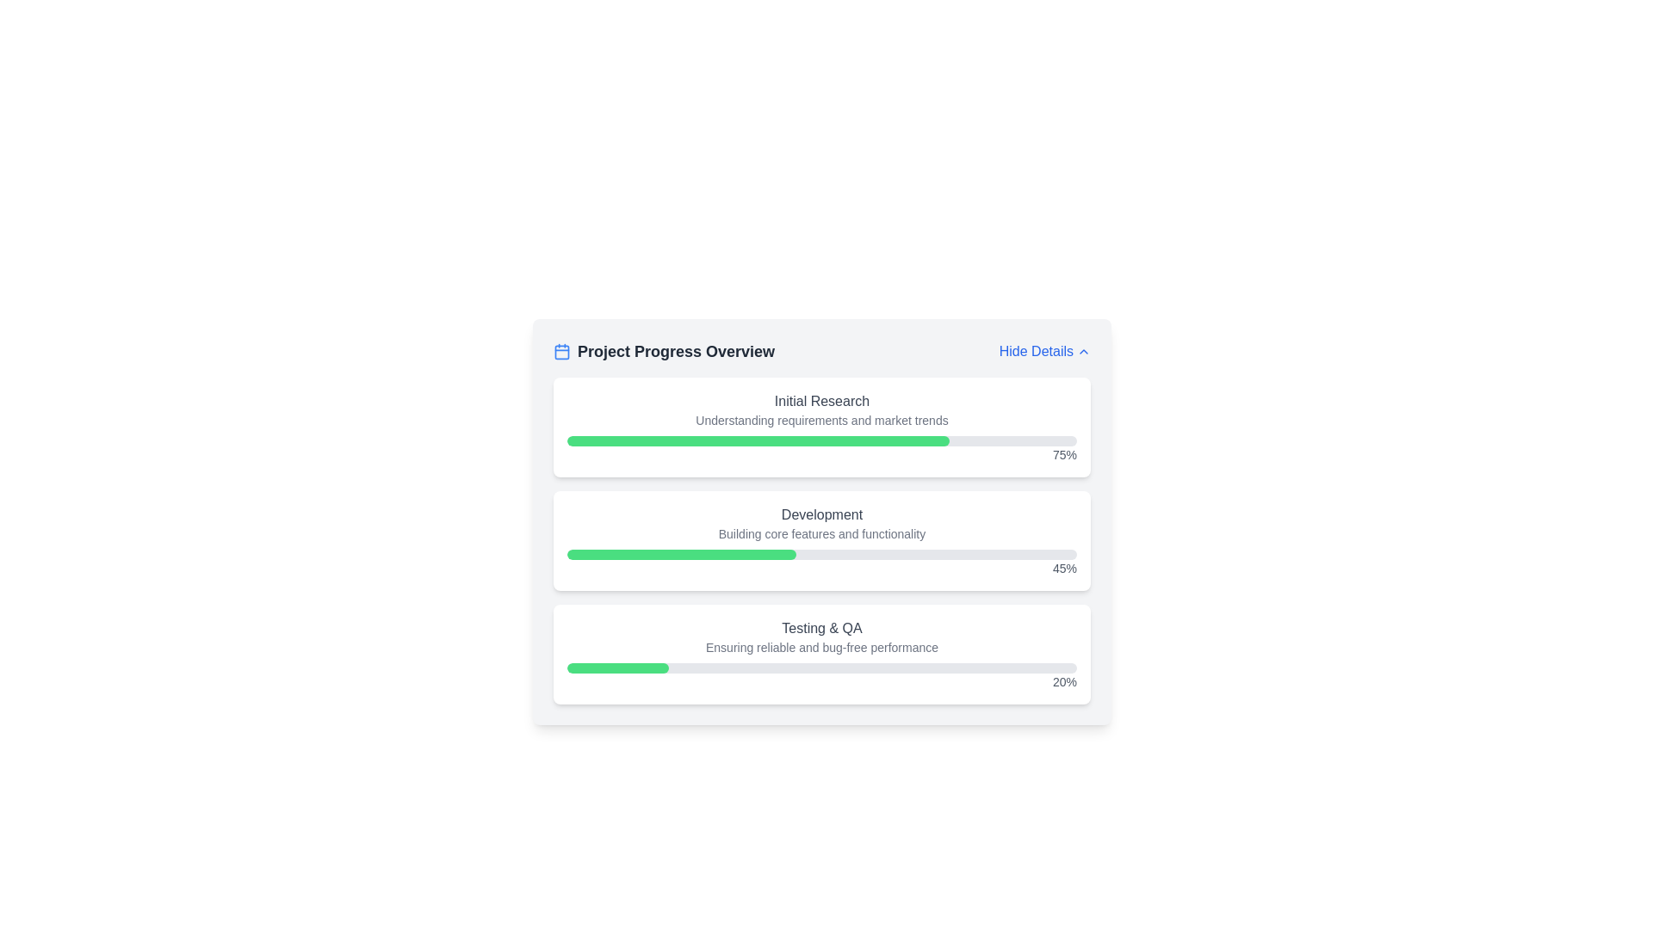 The image size is (1653, 929). What do you see at coordinates (821, 440) in the screenshot?
I see `the horizontal progress bar indicating 75% completion, located within the 'Initial Research' card, positioned below the description and above the '75%' label` at bounding box center [821, 440].